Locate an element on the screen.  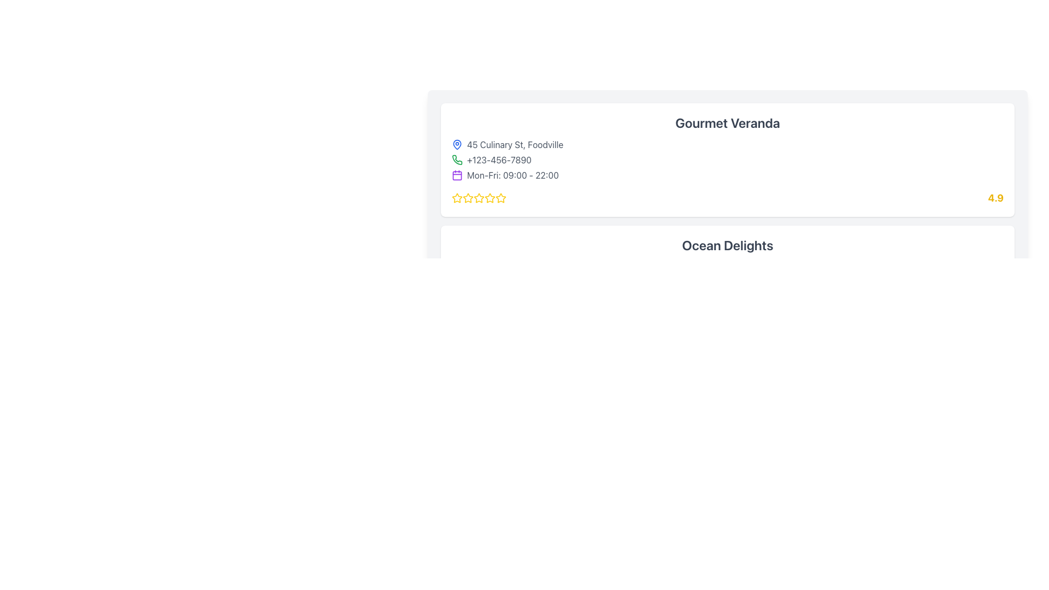
the phone icon representing the contact number '+123-456-7890', located in the middle section of the UI, to the left of the text is located at coordinates (457, 160).